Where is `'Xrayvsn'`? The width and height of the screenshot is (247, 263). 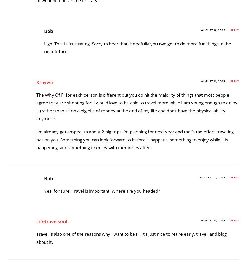
'Xrayvsn' is located at coordinates (45, 228).